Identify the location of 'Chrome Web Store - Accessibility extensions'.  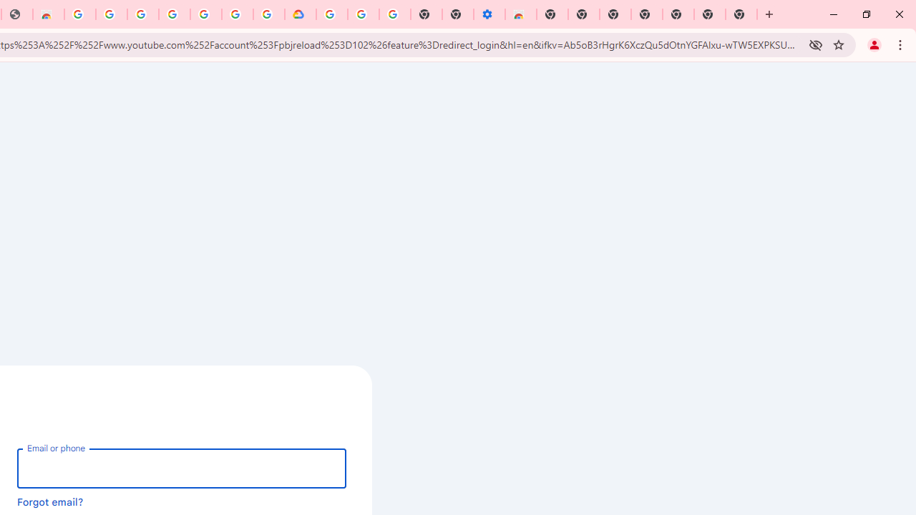
(520, 14).